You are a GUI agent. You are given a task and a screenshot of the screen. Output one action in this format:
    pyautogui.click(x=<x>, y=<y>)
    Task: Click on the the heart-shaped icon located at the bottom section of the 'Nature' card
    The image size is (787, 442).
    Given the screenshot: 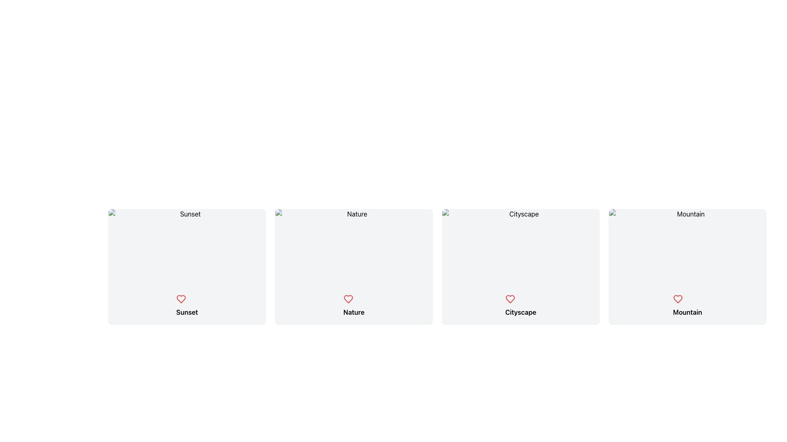 What is the action you would take?
    pyautogui.click(x=348, y=299)
    